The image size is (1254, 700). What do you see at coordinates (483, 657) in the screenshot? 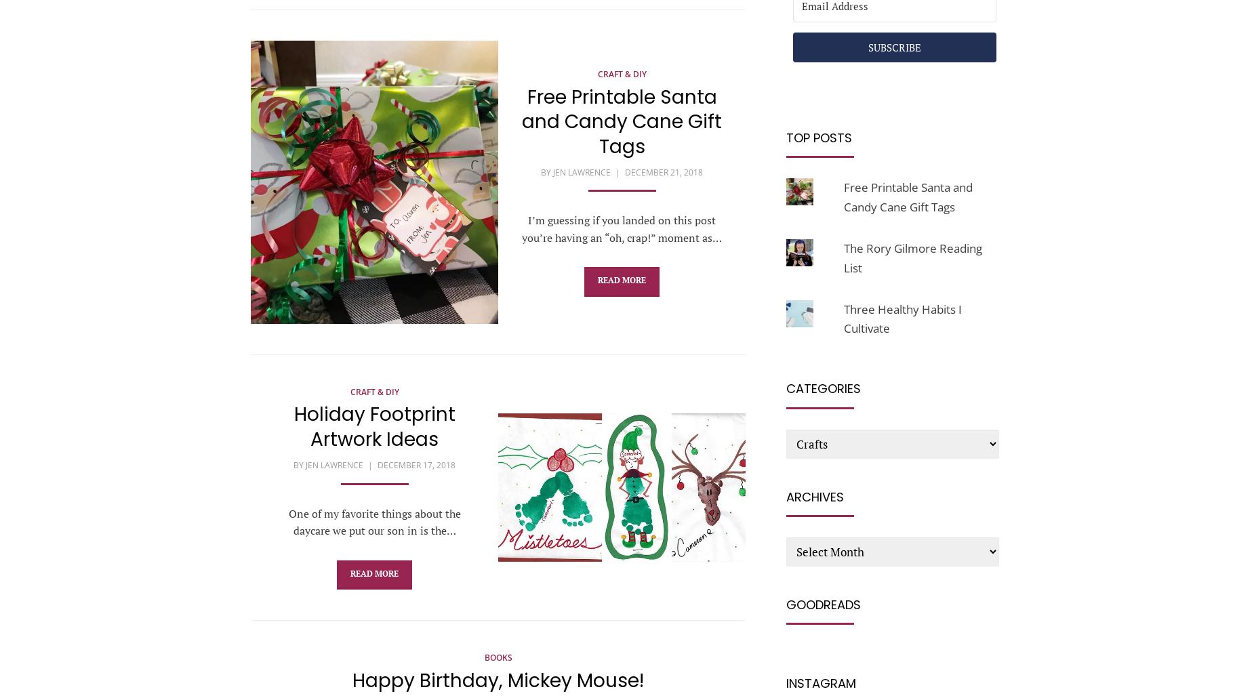
I see `'Books'` at bounding box center [483, 657].